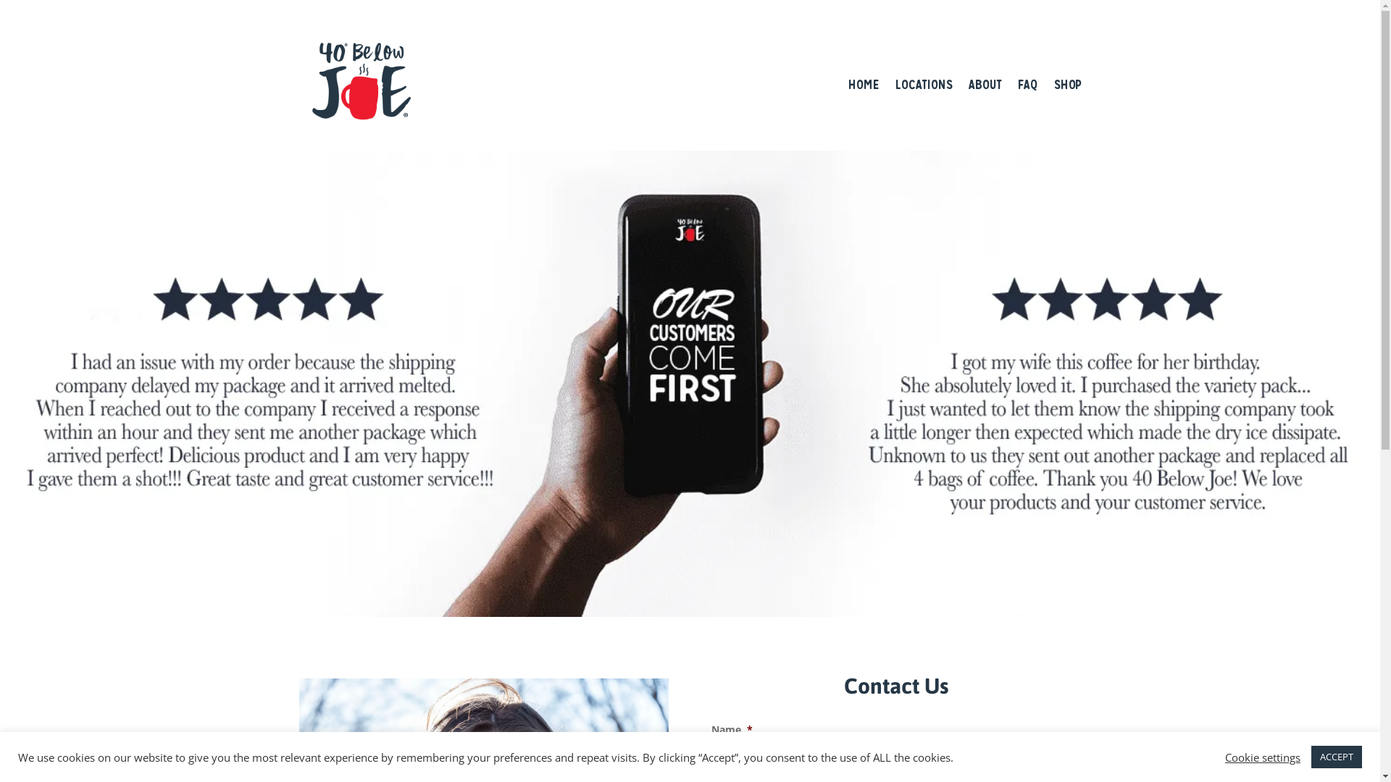 Image resolution: width=1391 pixels, height=782 pixels. Describe the element at coordinates (1067, 85) in the screenshot. I see `'SHOP'` at that location.